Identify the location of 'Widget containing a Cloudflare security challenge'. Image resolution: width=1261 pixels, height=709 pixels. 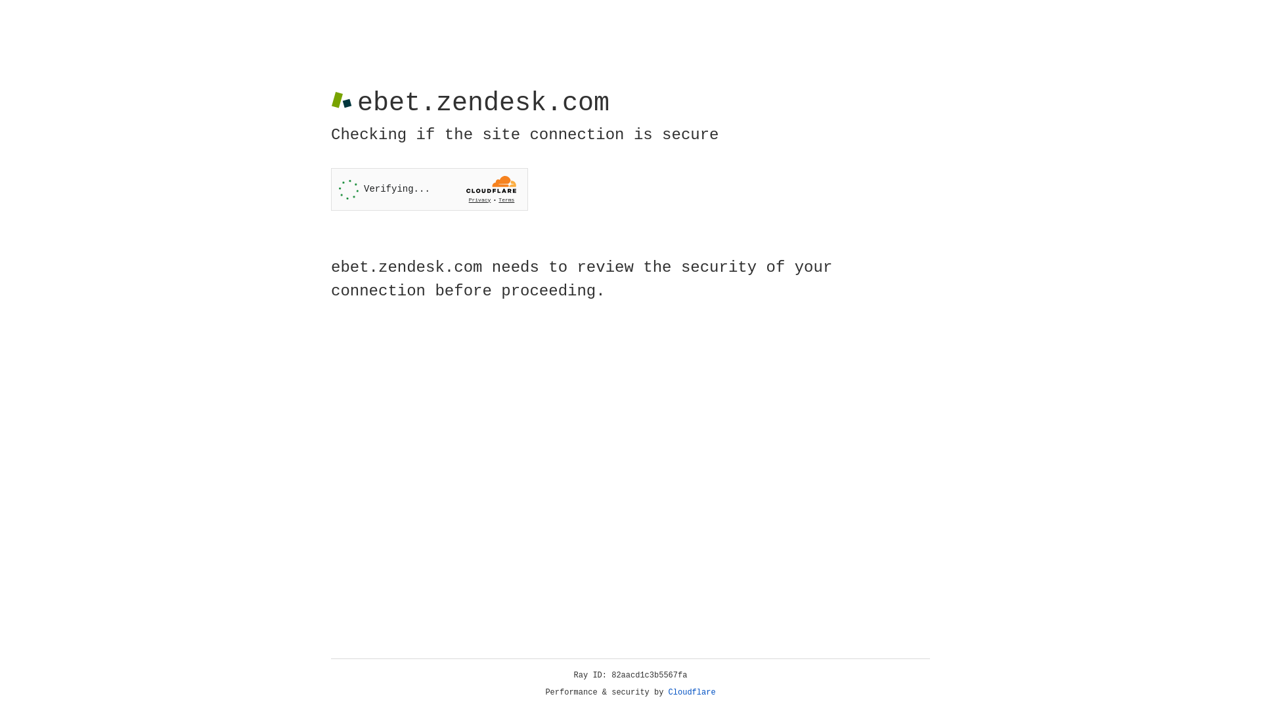
(429, 189).